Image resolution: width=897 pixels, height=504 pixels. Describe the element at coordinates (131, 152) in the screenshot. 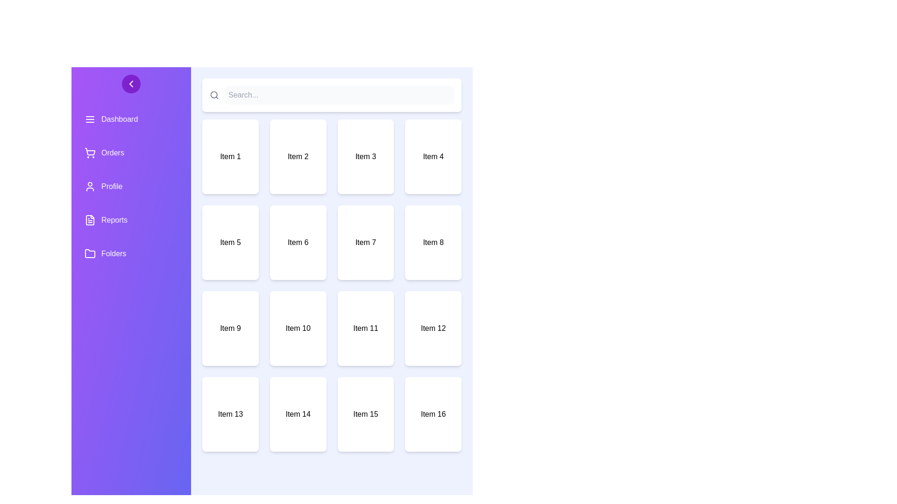

I see `the sidebar menu item labeled Orders to navigate to its section` at that location.